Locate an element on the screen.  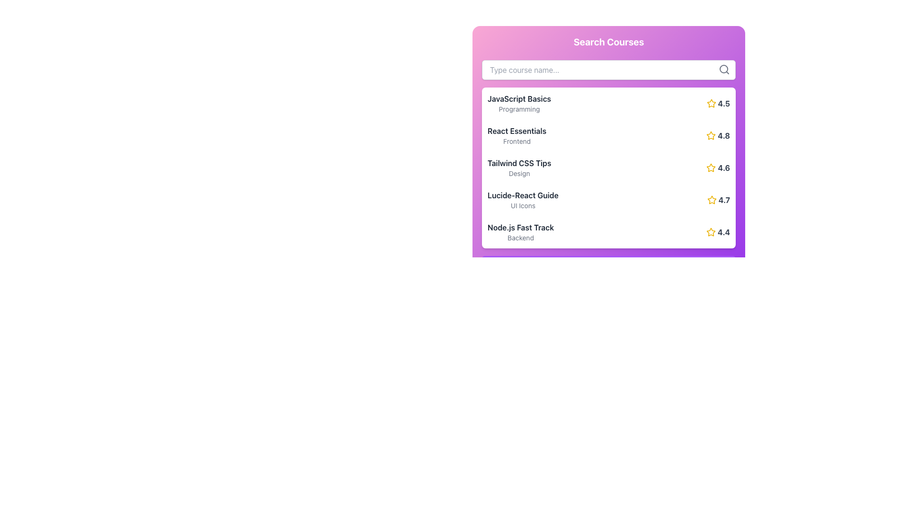
the text label that serves as the title of the course entry, located at the center of the interface, above the sibling element displaying 'Programming' is located at coordinates (519, 98).